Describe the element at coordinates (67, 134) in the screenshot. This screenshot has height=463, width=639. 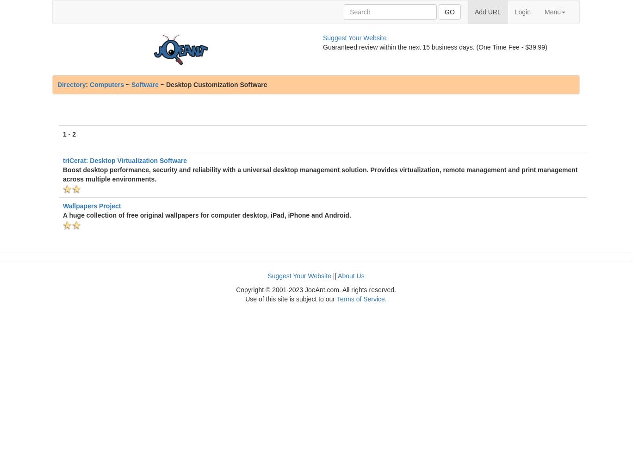
I see `'1 -'` at that location.